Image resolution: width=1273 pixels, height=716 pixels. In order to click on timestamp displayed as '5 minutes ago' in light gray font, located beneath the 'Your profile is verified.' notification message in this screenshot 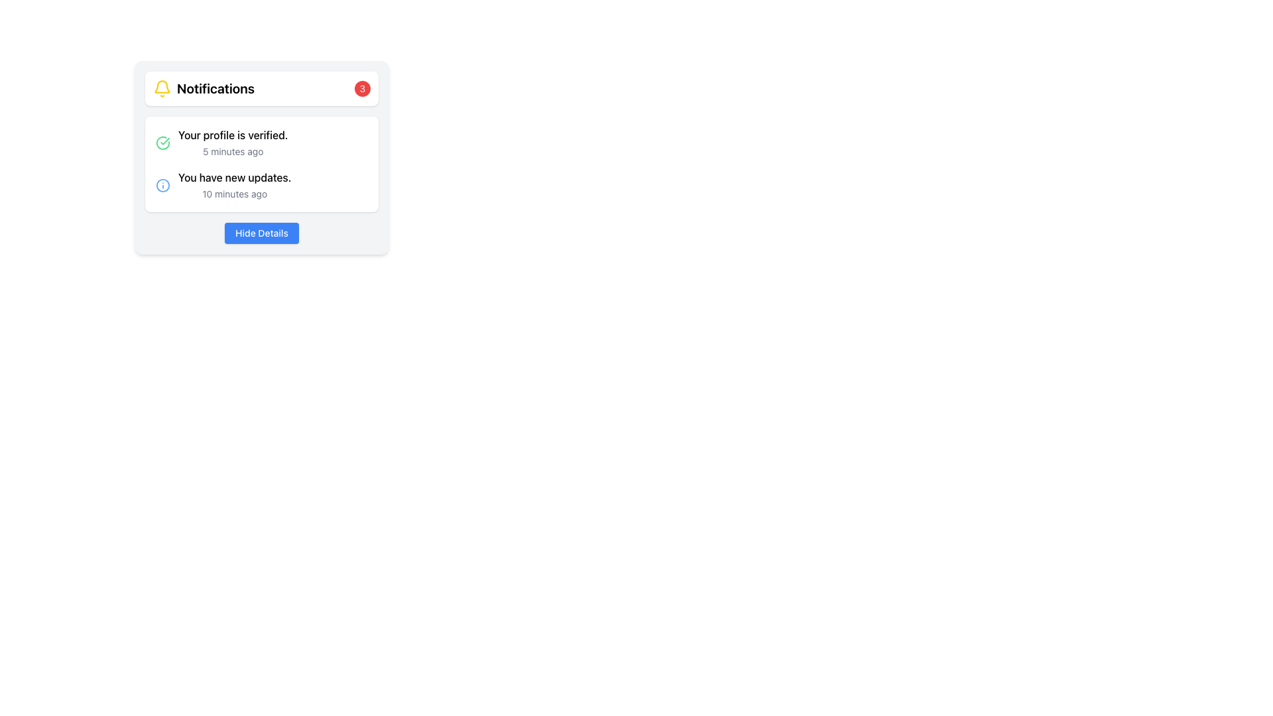, I will do `click(233, 150)`.